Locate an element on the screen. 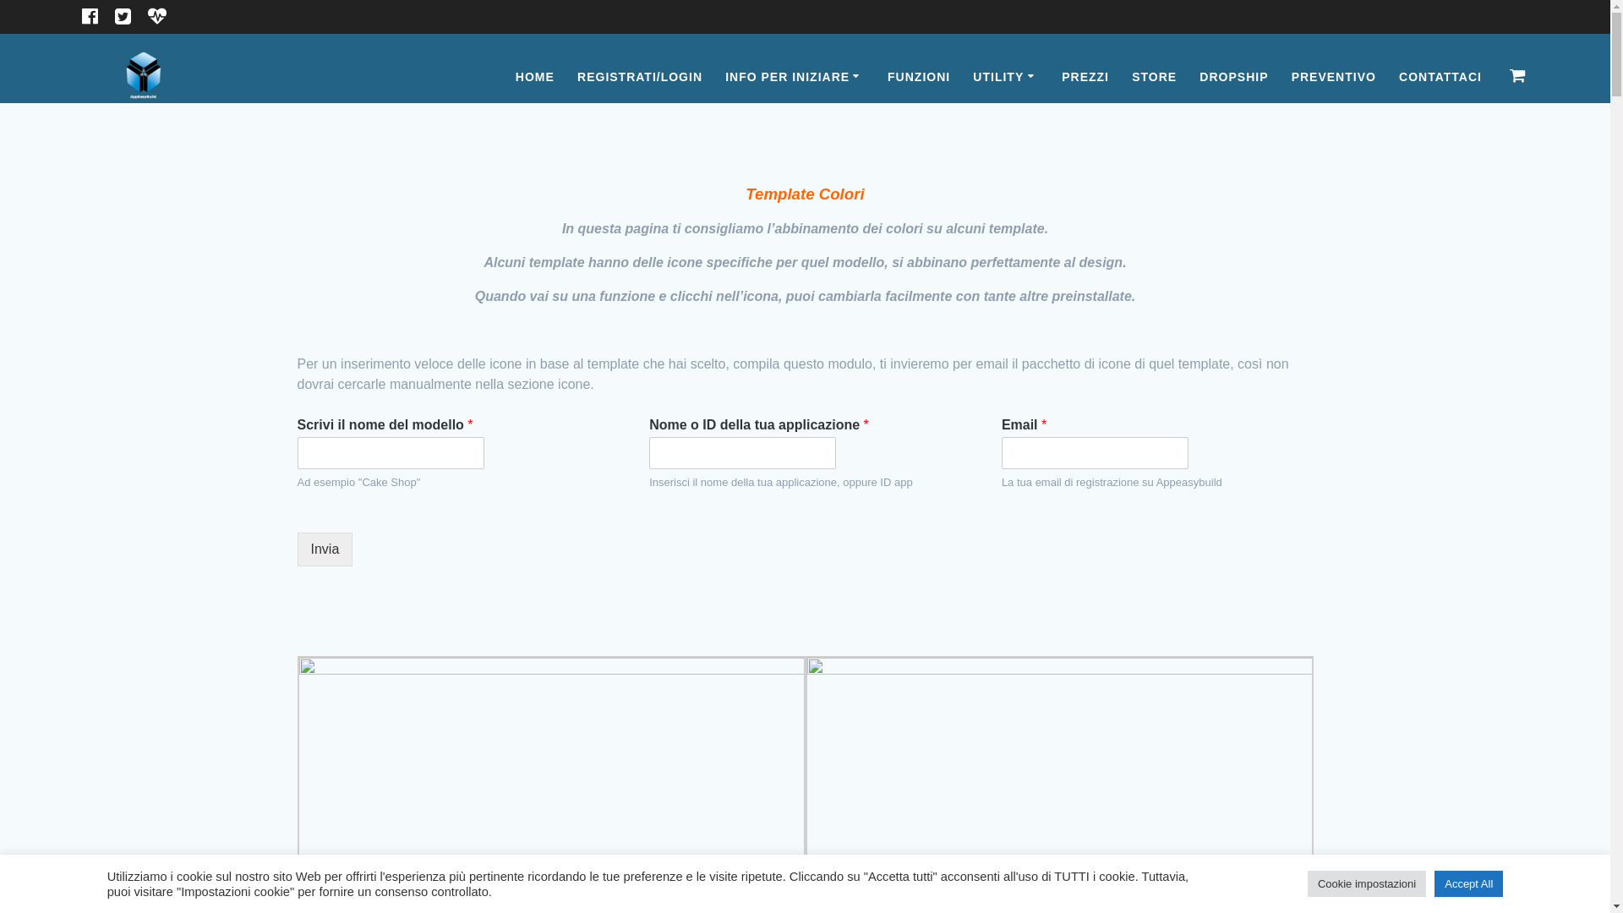  'REGISTRATI/LOGIN' is located at coordinates (639, 77).